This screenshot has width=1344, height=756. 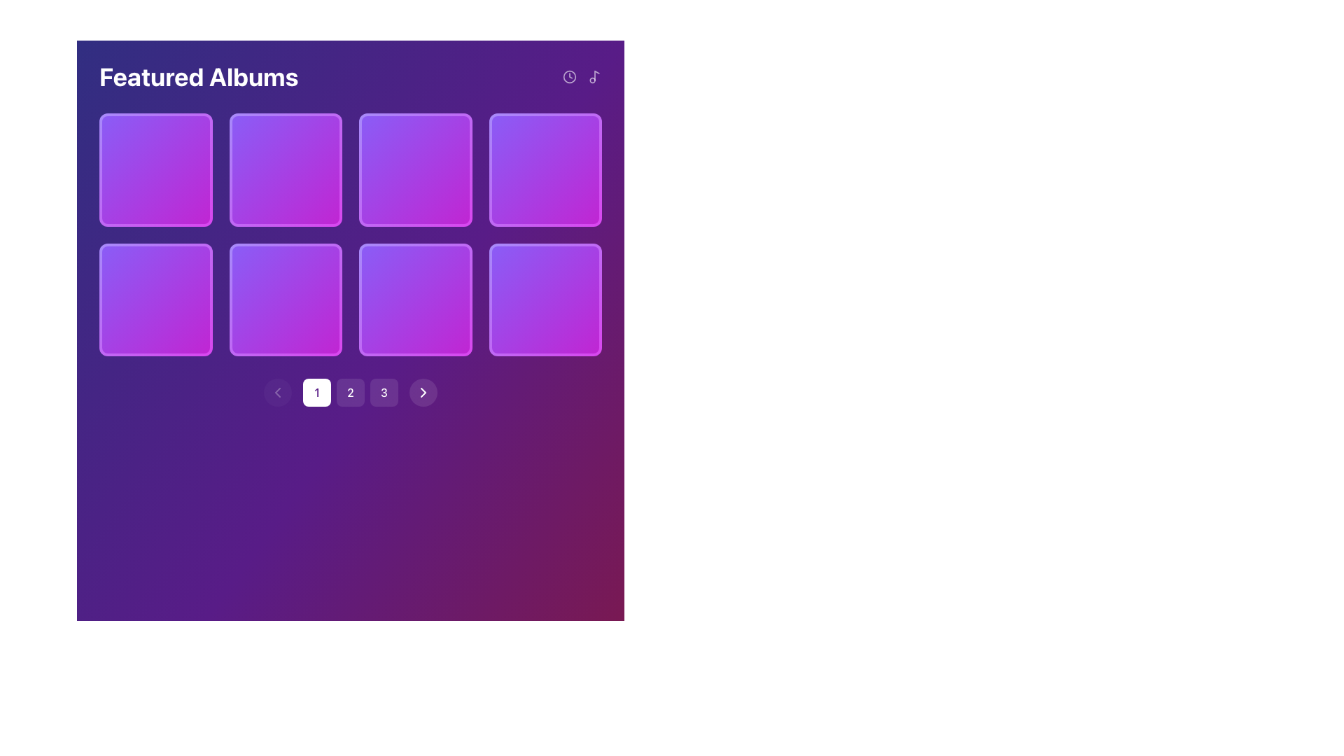 What do you see at coordinates (285, 169) in the screenshot?
I see `the vibrant gradient Clickable card in the 'Featured Albums' section` at bounding box center [285, 169].